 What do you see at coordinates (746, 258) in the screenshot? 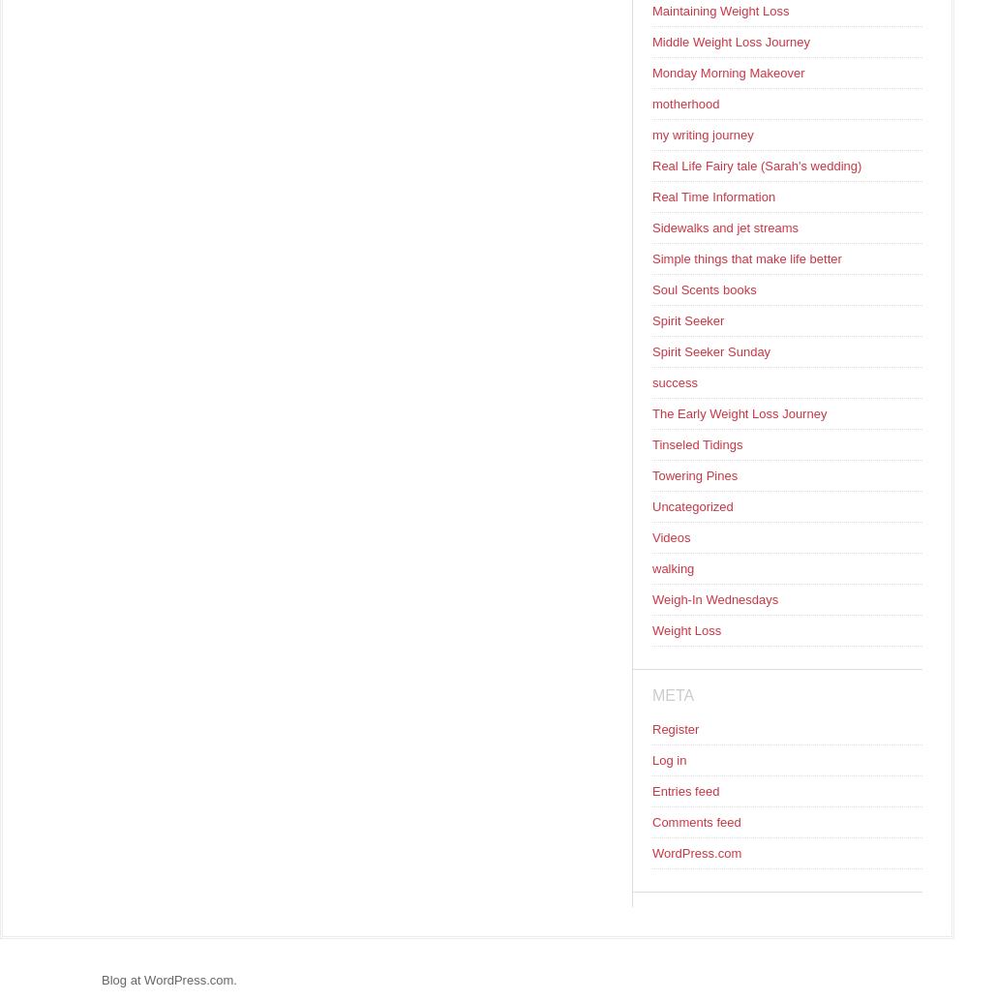
I see `'Simple things that make life better'` at bounding box center [746, 258].